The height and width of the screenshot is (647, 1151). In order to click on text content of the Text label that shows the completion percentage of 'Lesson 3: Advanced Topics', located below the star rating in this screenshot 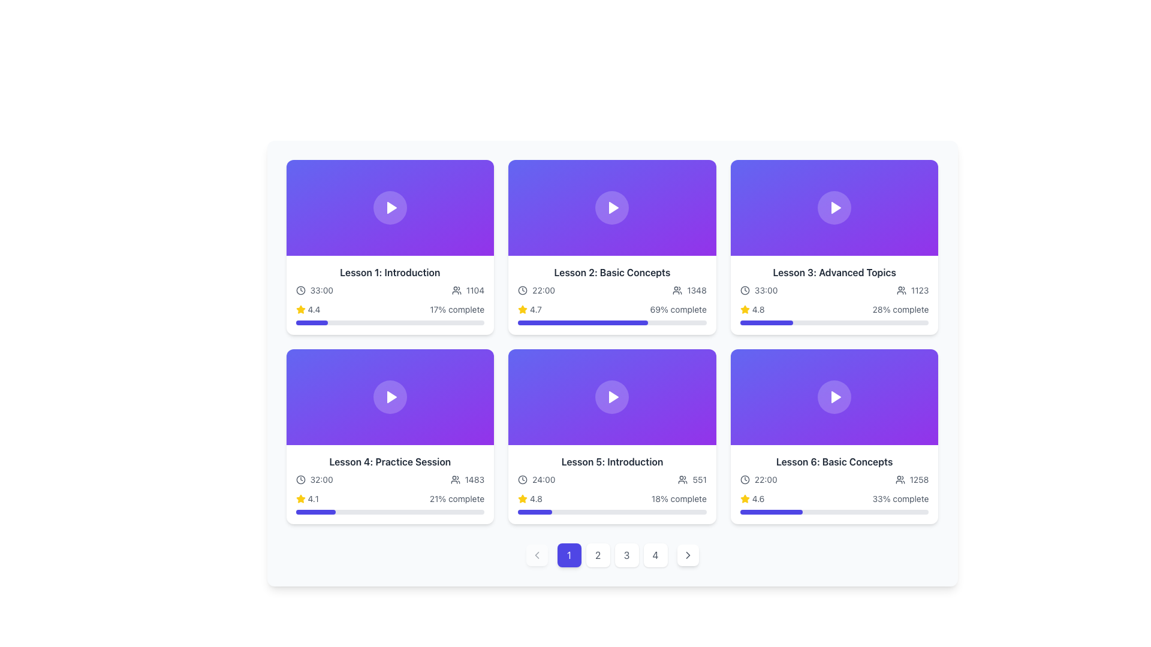, I will do `click(900, 309)`.